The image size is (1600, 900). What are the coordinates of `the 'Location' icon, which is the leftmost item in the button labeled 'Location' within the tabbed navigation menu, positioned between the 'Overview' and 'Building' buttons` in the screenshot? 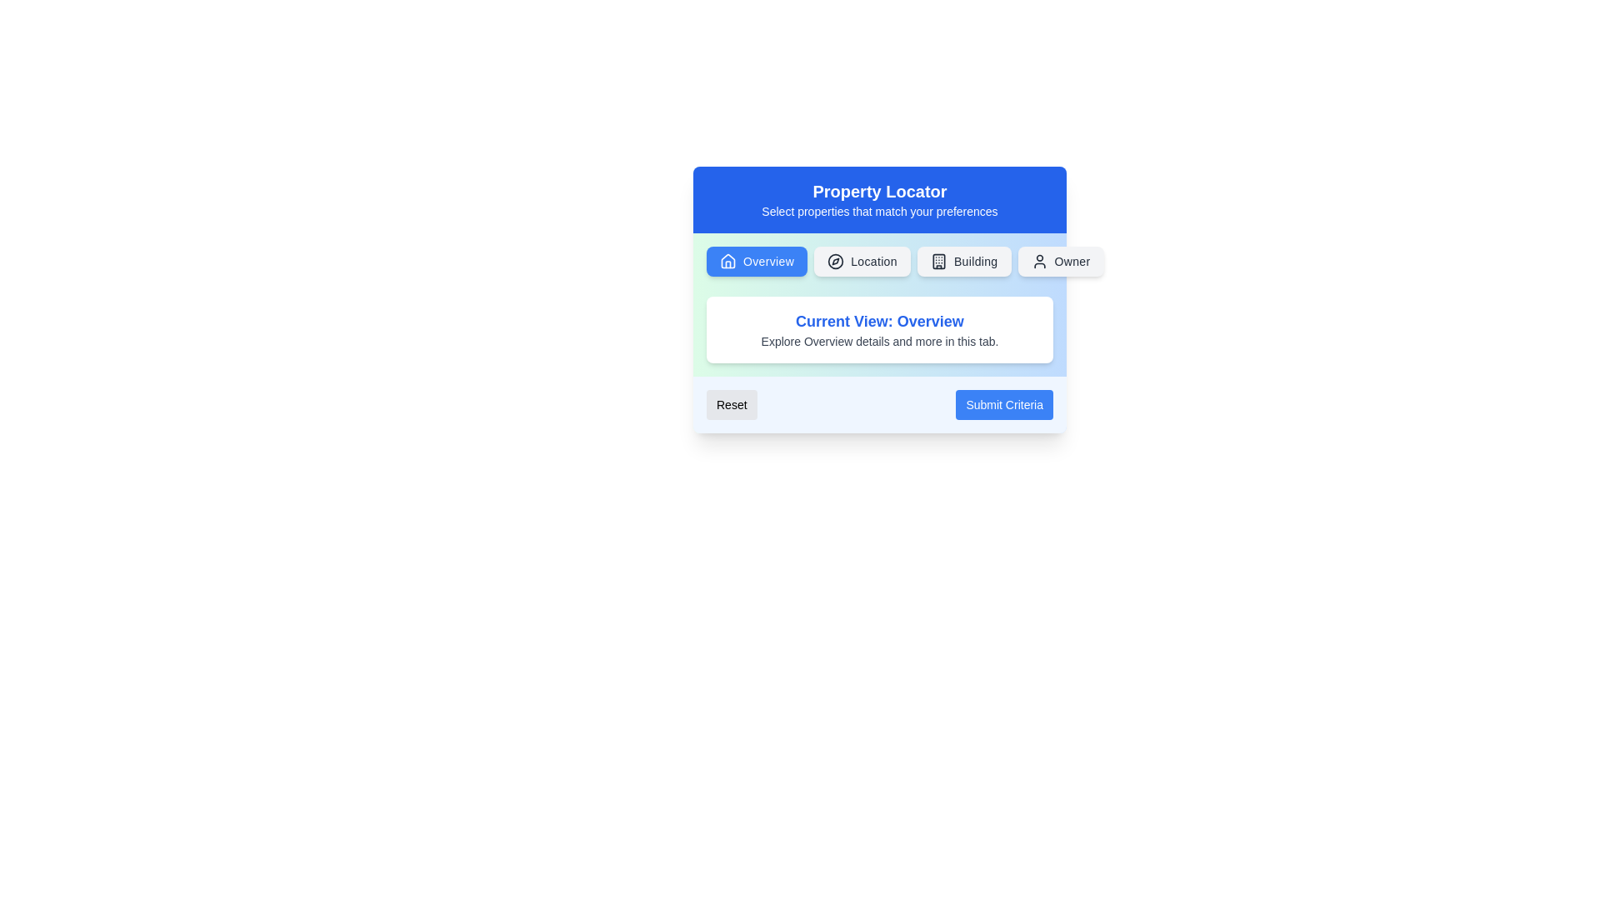 It's located at (836, 261).